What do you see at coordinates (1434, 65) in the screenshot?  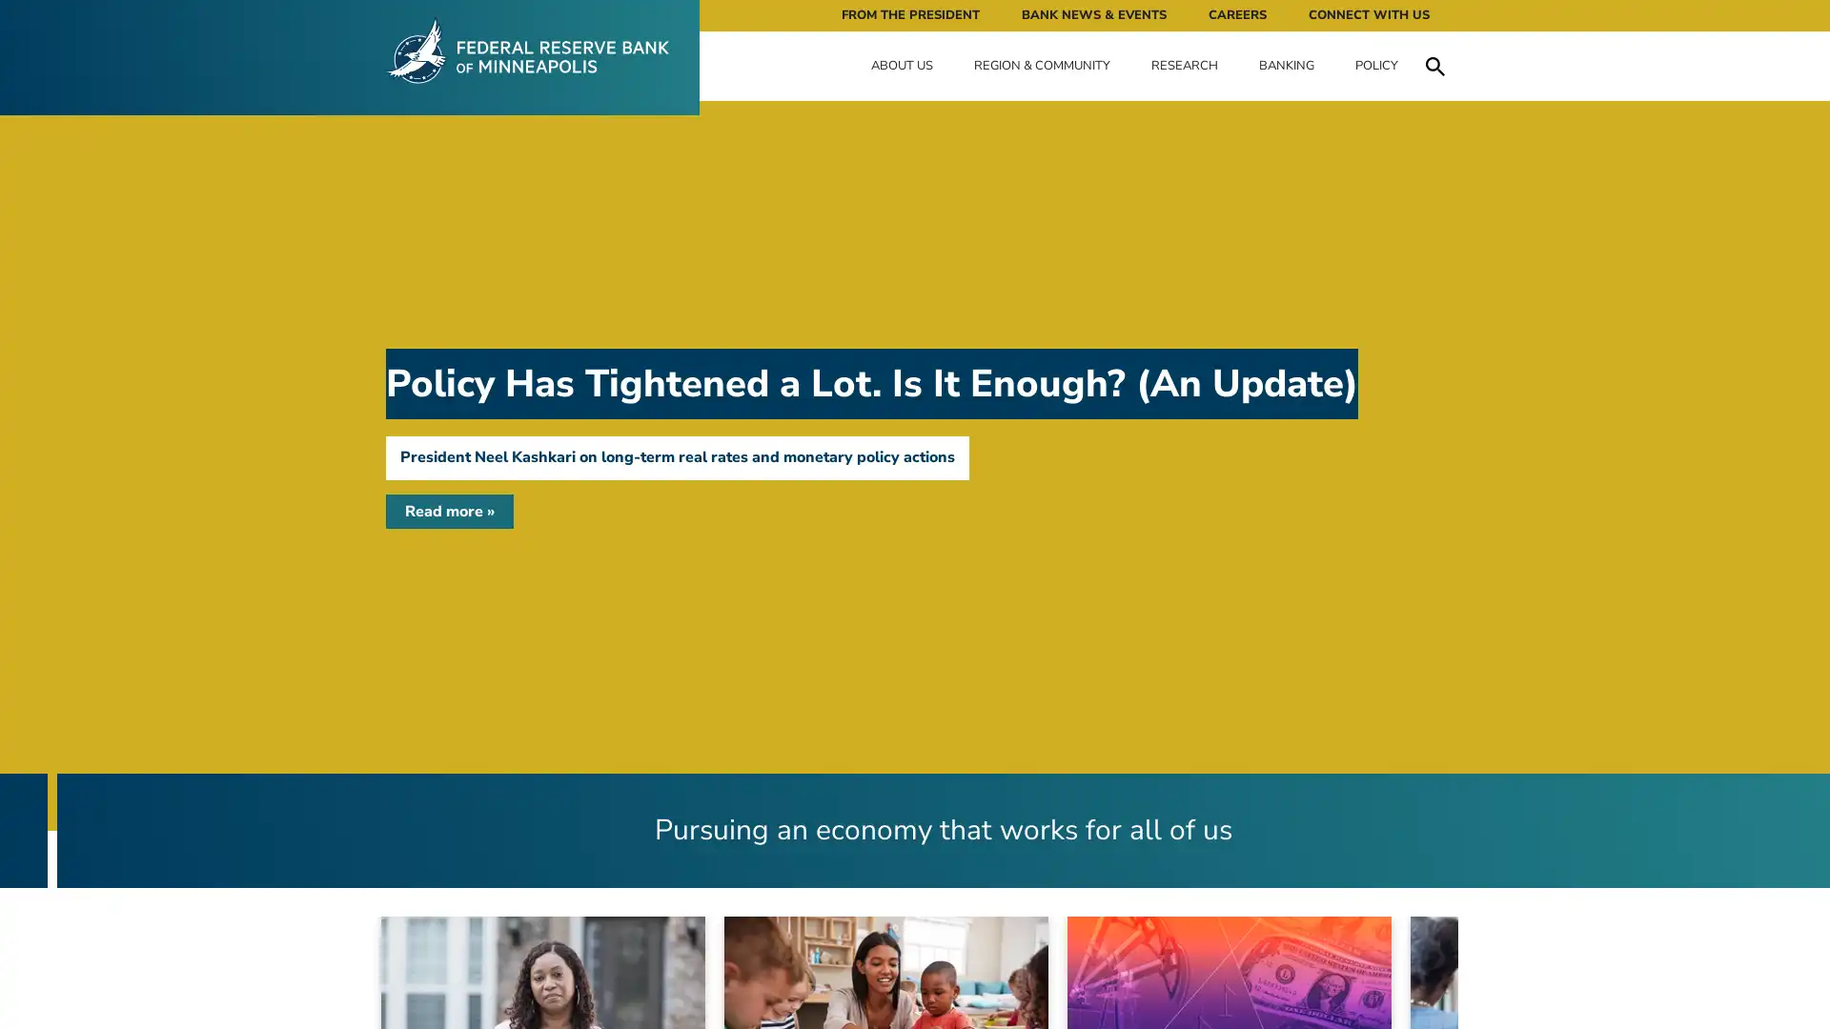 I see `Toggle Search` at bounding box center [1434, 65].